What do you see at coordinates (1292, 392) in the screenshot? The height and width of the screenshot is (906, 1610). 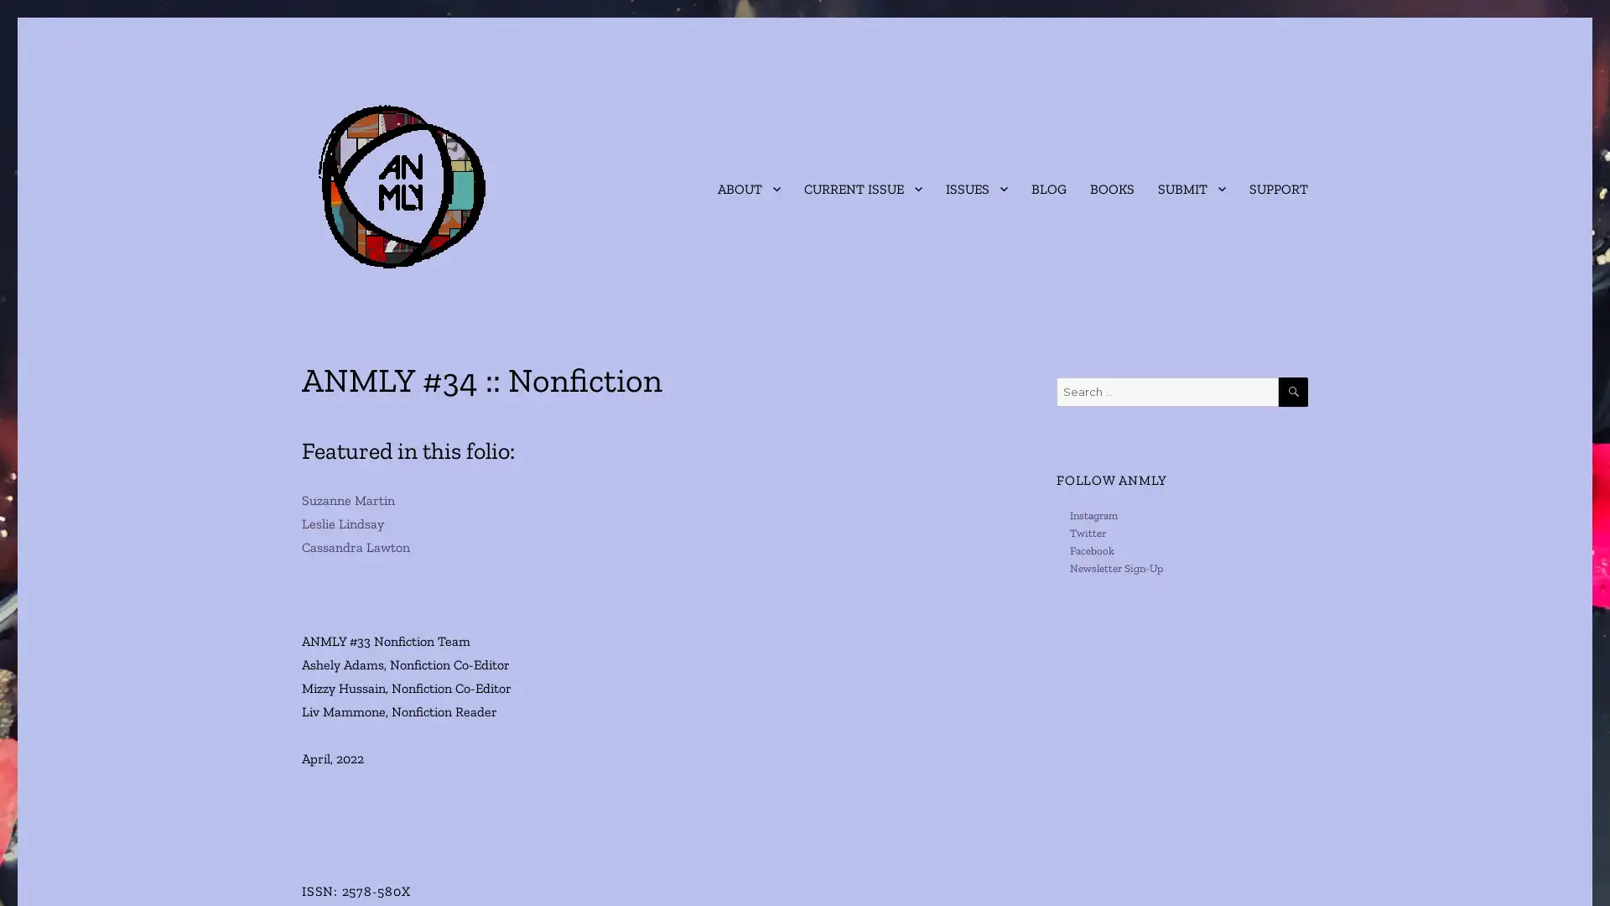 I see `SEARCH` at bounding box center [1292, 392].